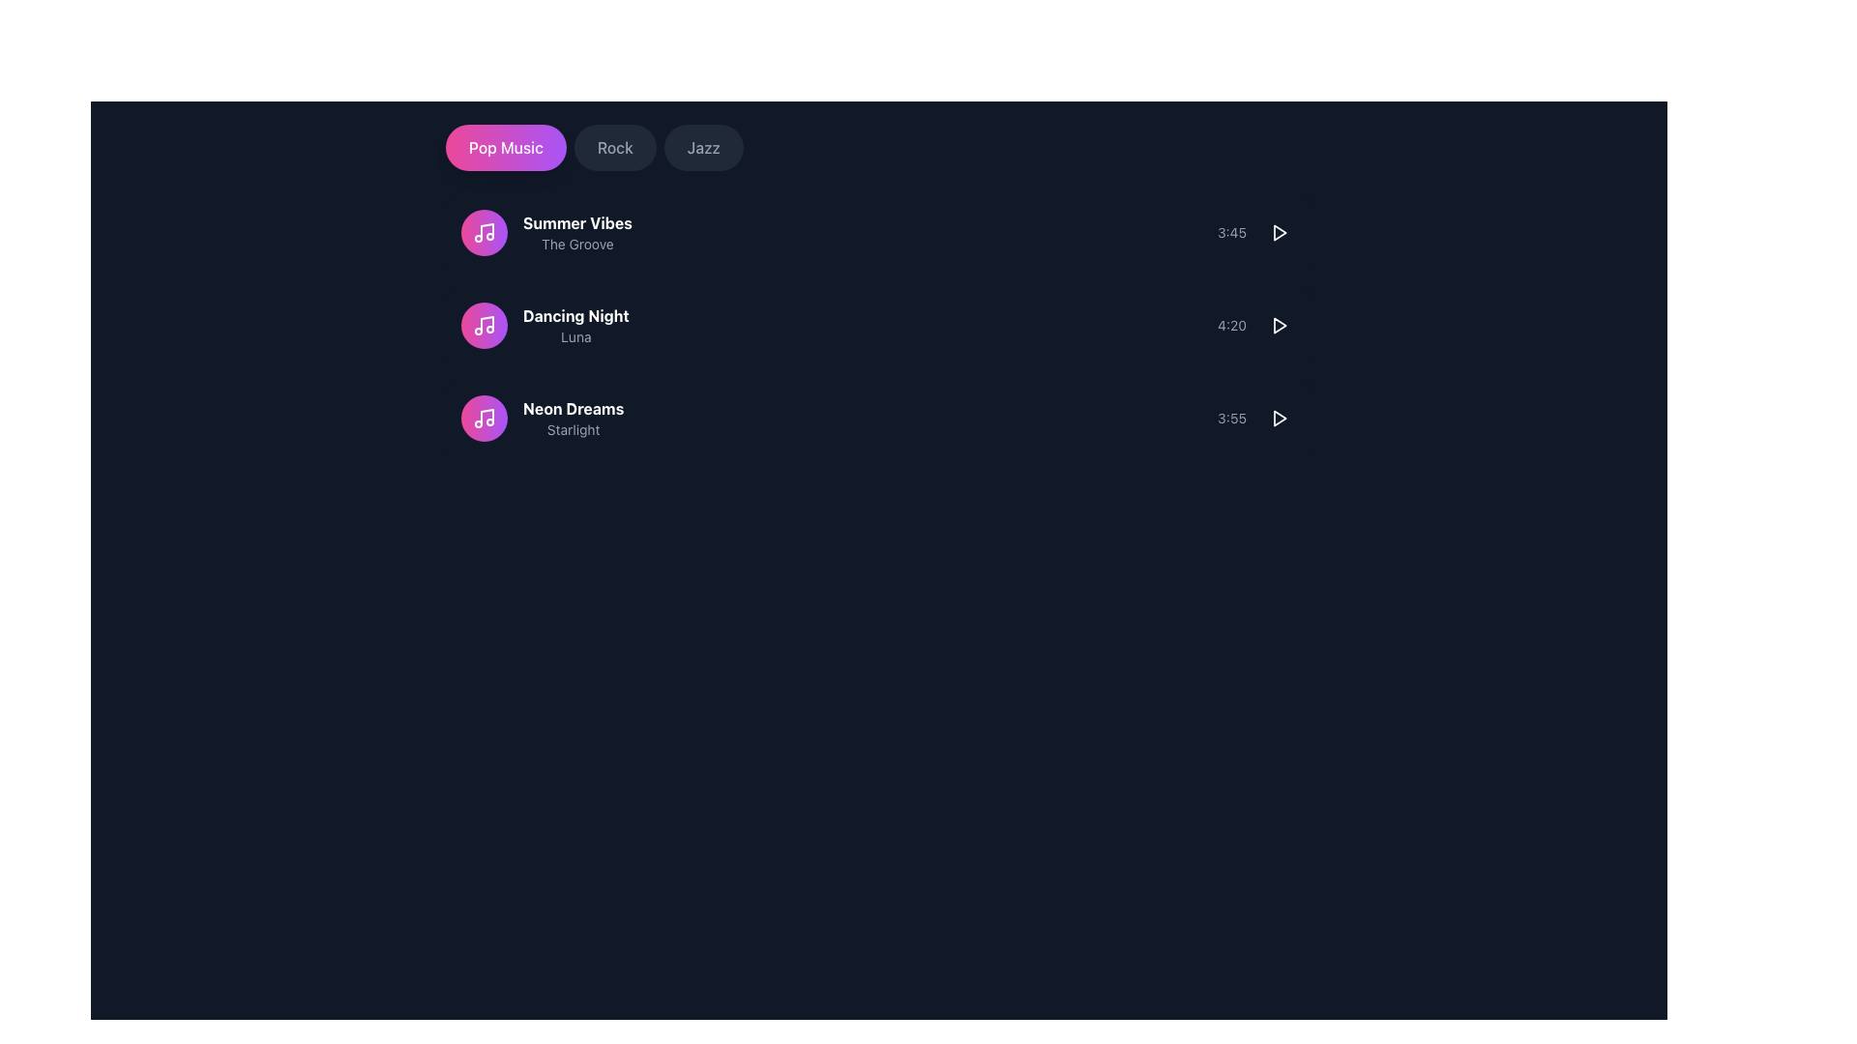 The width and height of the screenshot is (1857, 1044). What do you see at coordinates (575, 324) in the screenshot?
I see `the Text Display that shows the title and artist of a musical track, located as the second item in a vertical list between 'Summer Vibes' and 'Neon Dreams'` at bounding box center [575, 324].